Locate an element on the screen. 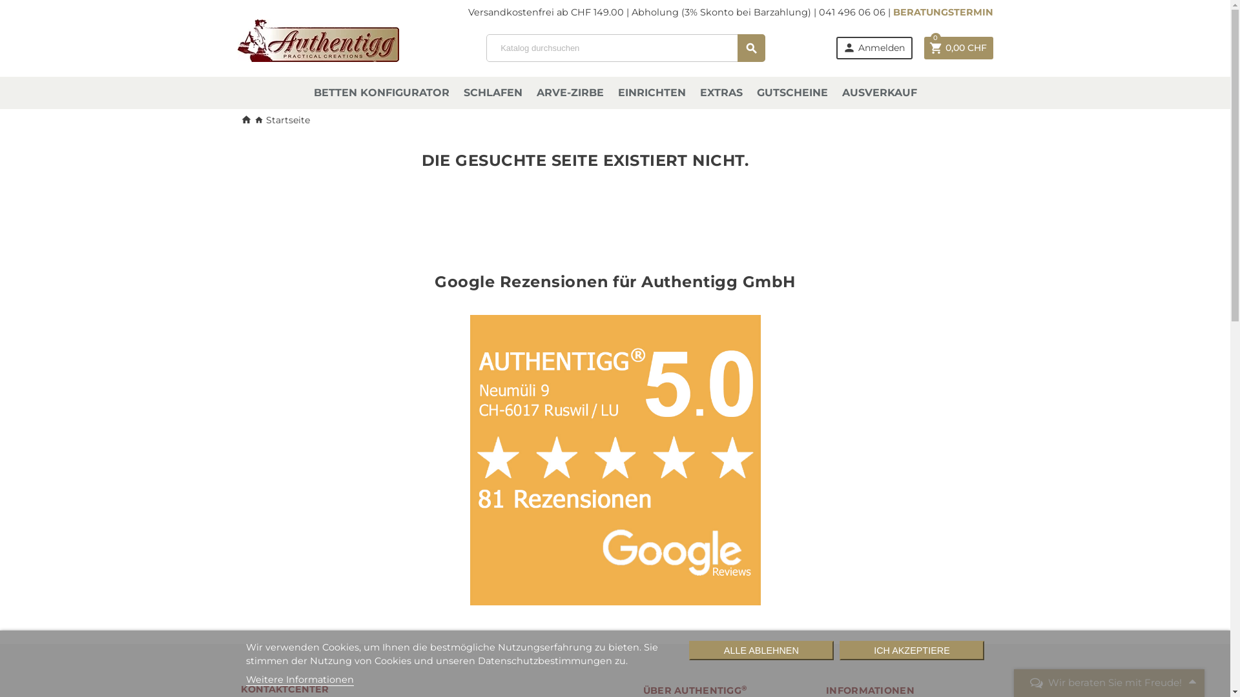 This screenshot has width=1240, height=697. 'BETTEN KONFIGURATOR' is located at coordinates (380, 92).